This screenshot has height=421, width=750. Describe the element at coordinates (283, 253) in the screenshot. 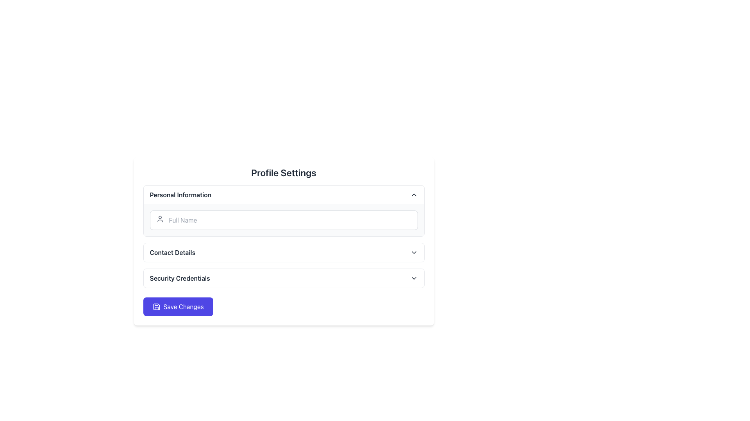

I see `the Collapsible Section Header for 'Contact Details' in the Profile Settings layout` at that location.